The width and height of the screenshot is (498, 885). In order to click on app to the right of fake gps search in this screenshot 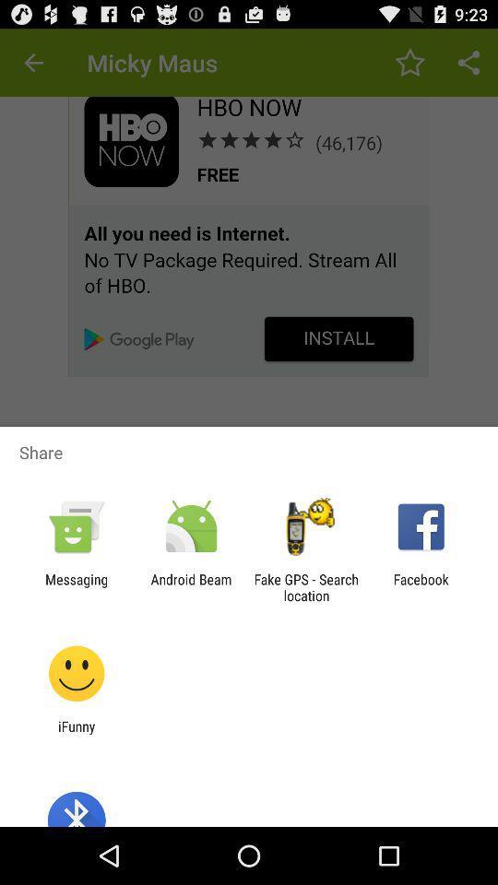, I will do `click(421, 586)`.